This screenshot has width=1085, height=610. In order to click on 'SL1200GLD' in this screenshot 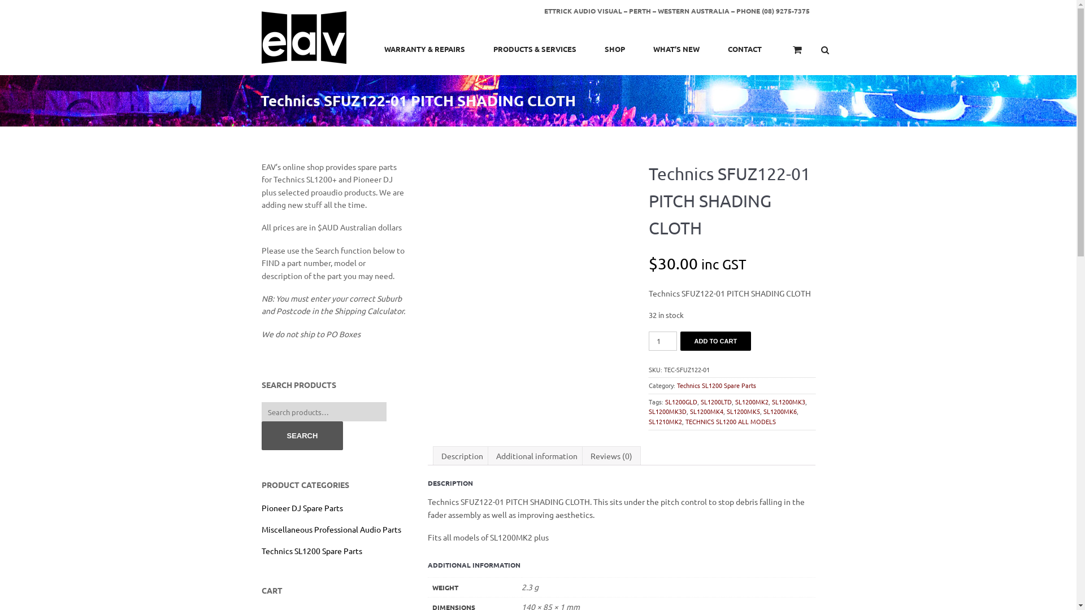, I will do `click(680, 400)`.